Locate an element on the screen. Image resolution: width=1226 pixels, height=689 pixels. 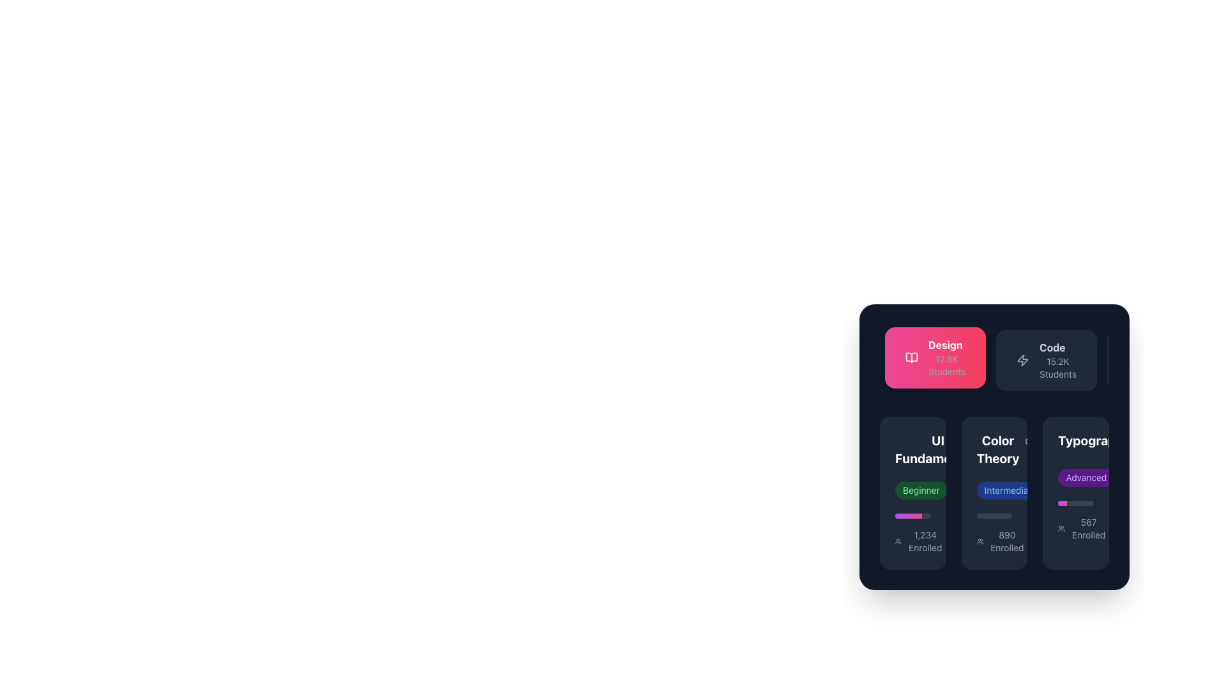
text label displaying '2h 15m' which is styled with light-colored text on a dark background, located in the bottom-left region of the interface alongside a clock icon is located at coordinates (976, 489).